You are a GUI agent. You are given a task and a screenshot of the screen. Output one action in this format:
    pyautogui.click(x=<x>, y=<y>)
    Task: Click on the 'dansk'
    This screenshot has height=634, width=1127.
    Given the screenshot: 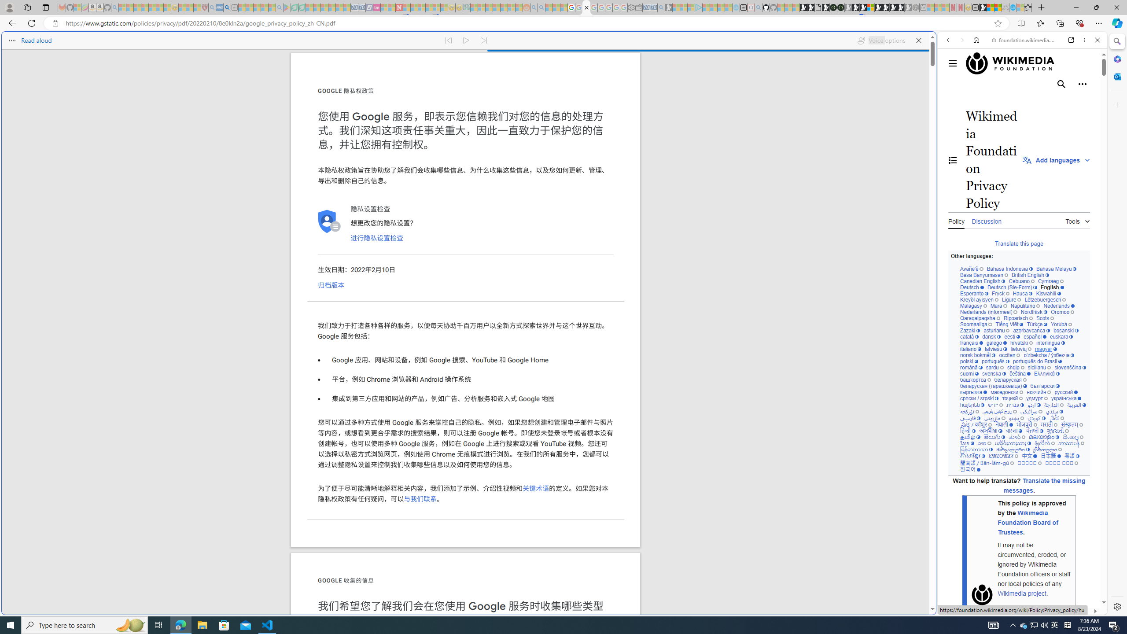 What is the action you would take?
    pyautogui.click(x=991, y=337)
    